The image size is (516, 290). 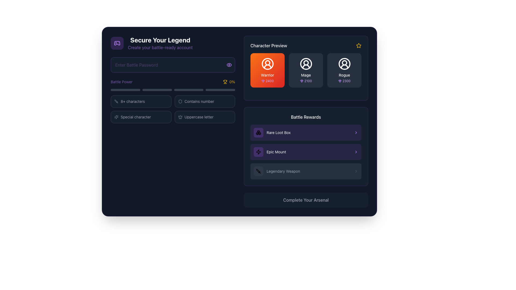 I want to click on the specific character in the SelectionCardsGroup located under the 'Character Preview' heading on the upper right side of the interface, so click(x=306, y=68).